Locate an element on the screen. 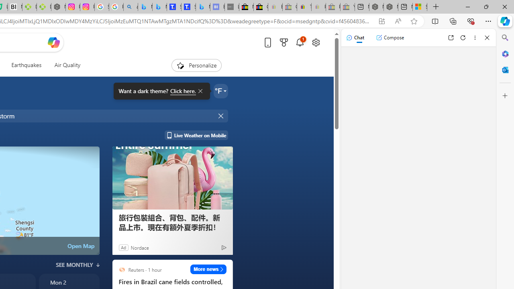  'Chat' is located at coordinates (355, 37).